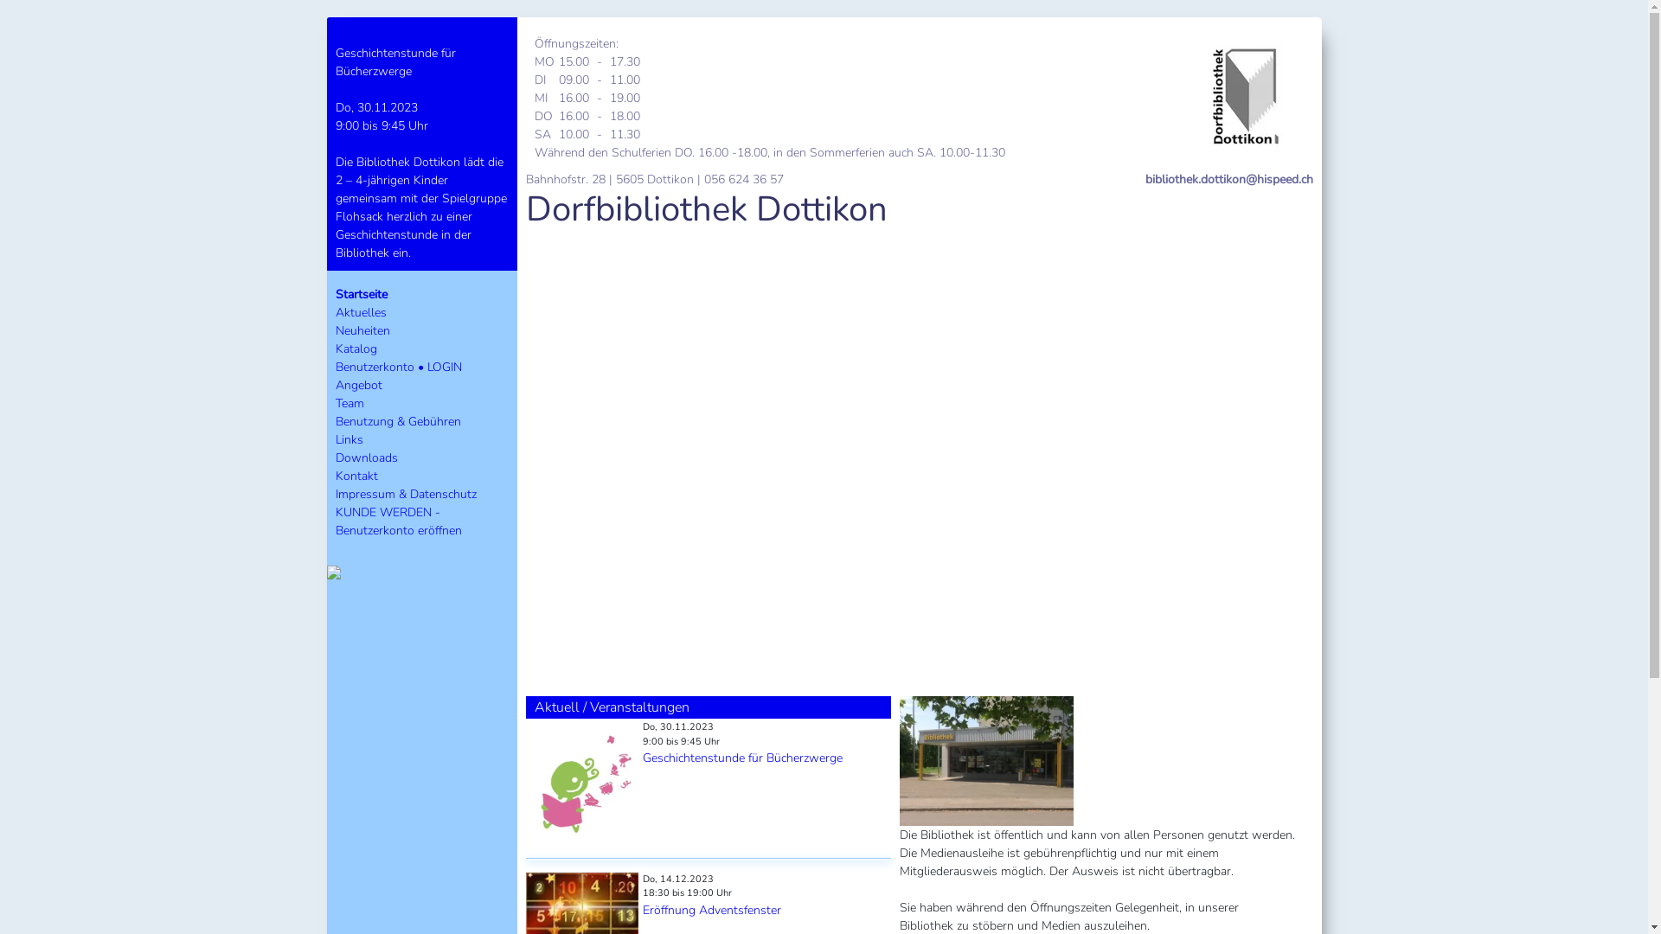 This screenshot has height=934, width=1661. Describe the element at coordinates (336, 494) in the screenshot. I see `'Impressum & Datenschutz'` at that location.